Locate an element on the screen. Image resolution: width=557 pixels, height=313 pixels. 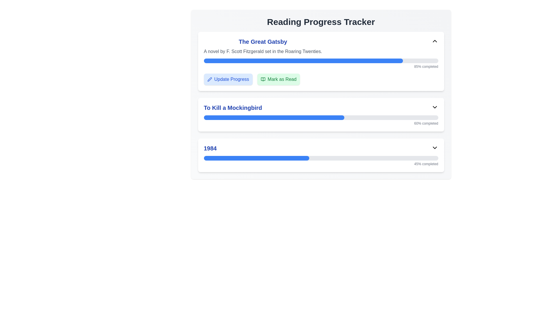
the filled portion of the progress bar indicating 60% completion for the book 'To Kill a Mockingbird' within the progress tracker interface is located at coordinates (274, 117).